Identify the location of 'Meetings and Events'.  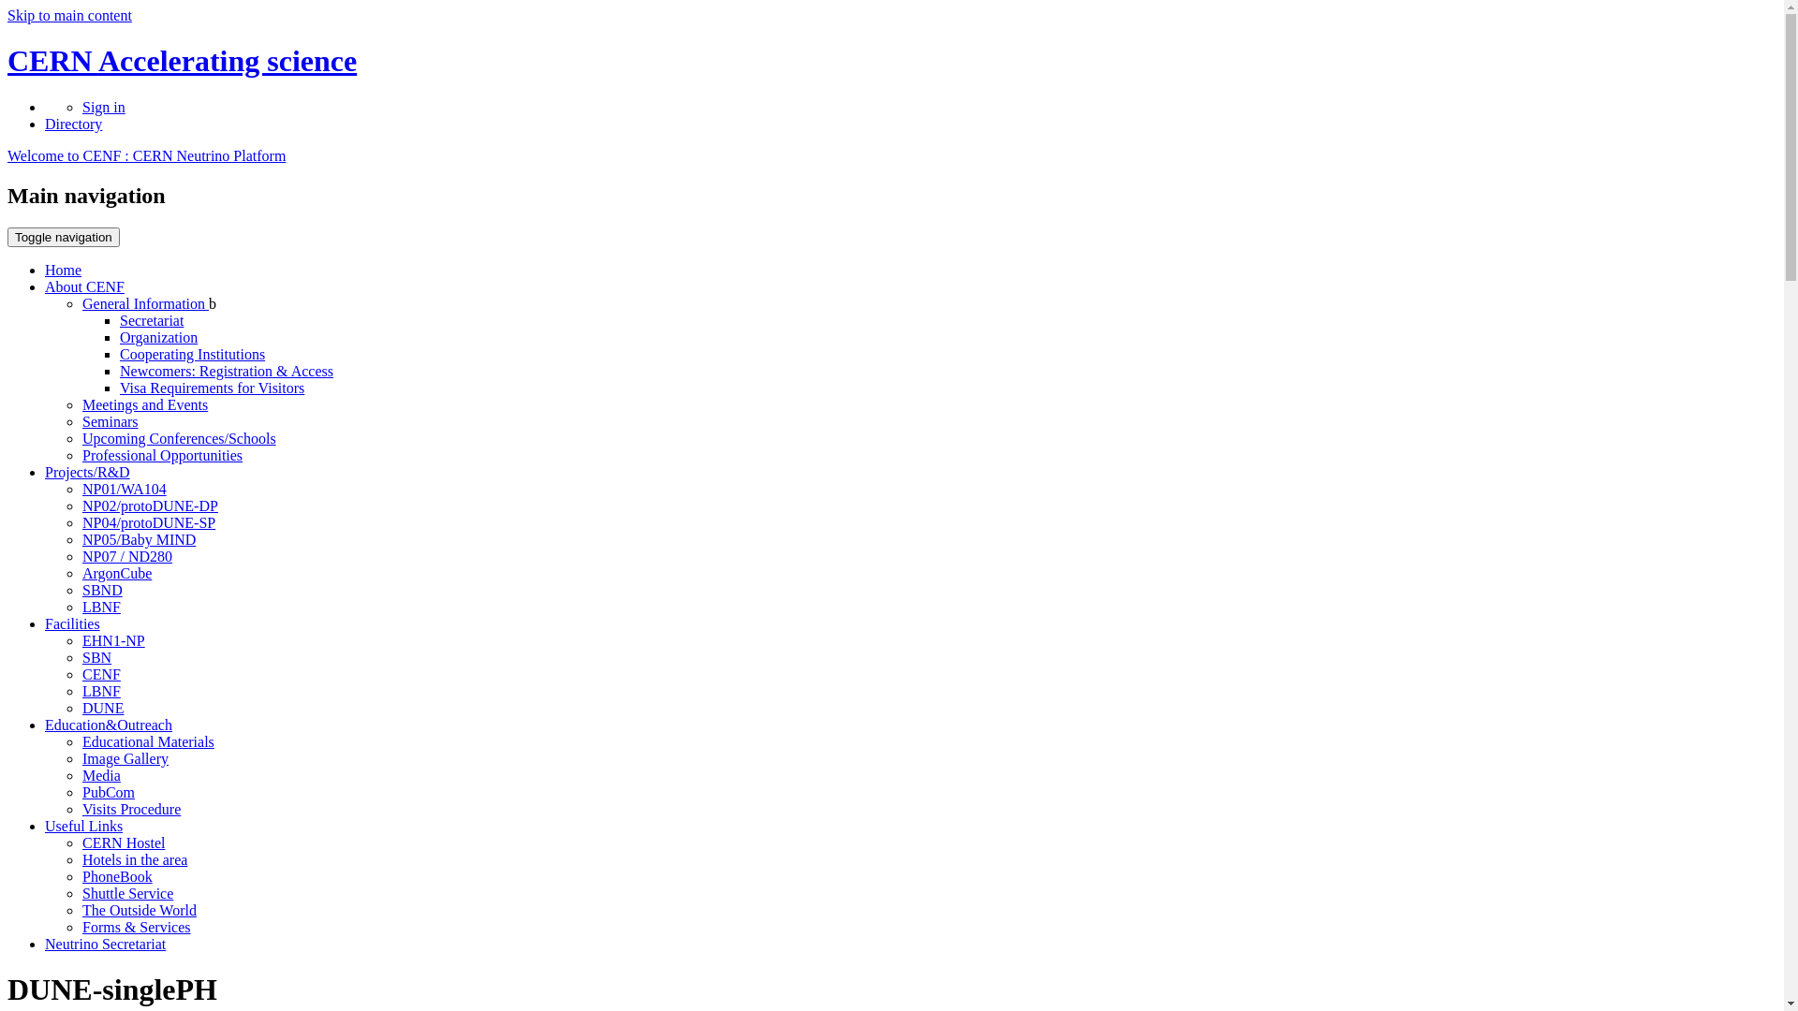
(143, 403).